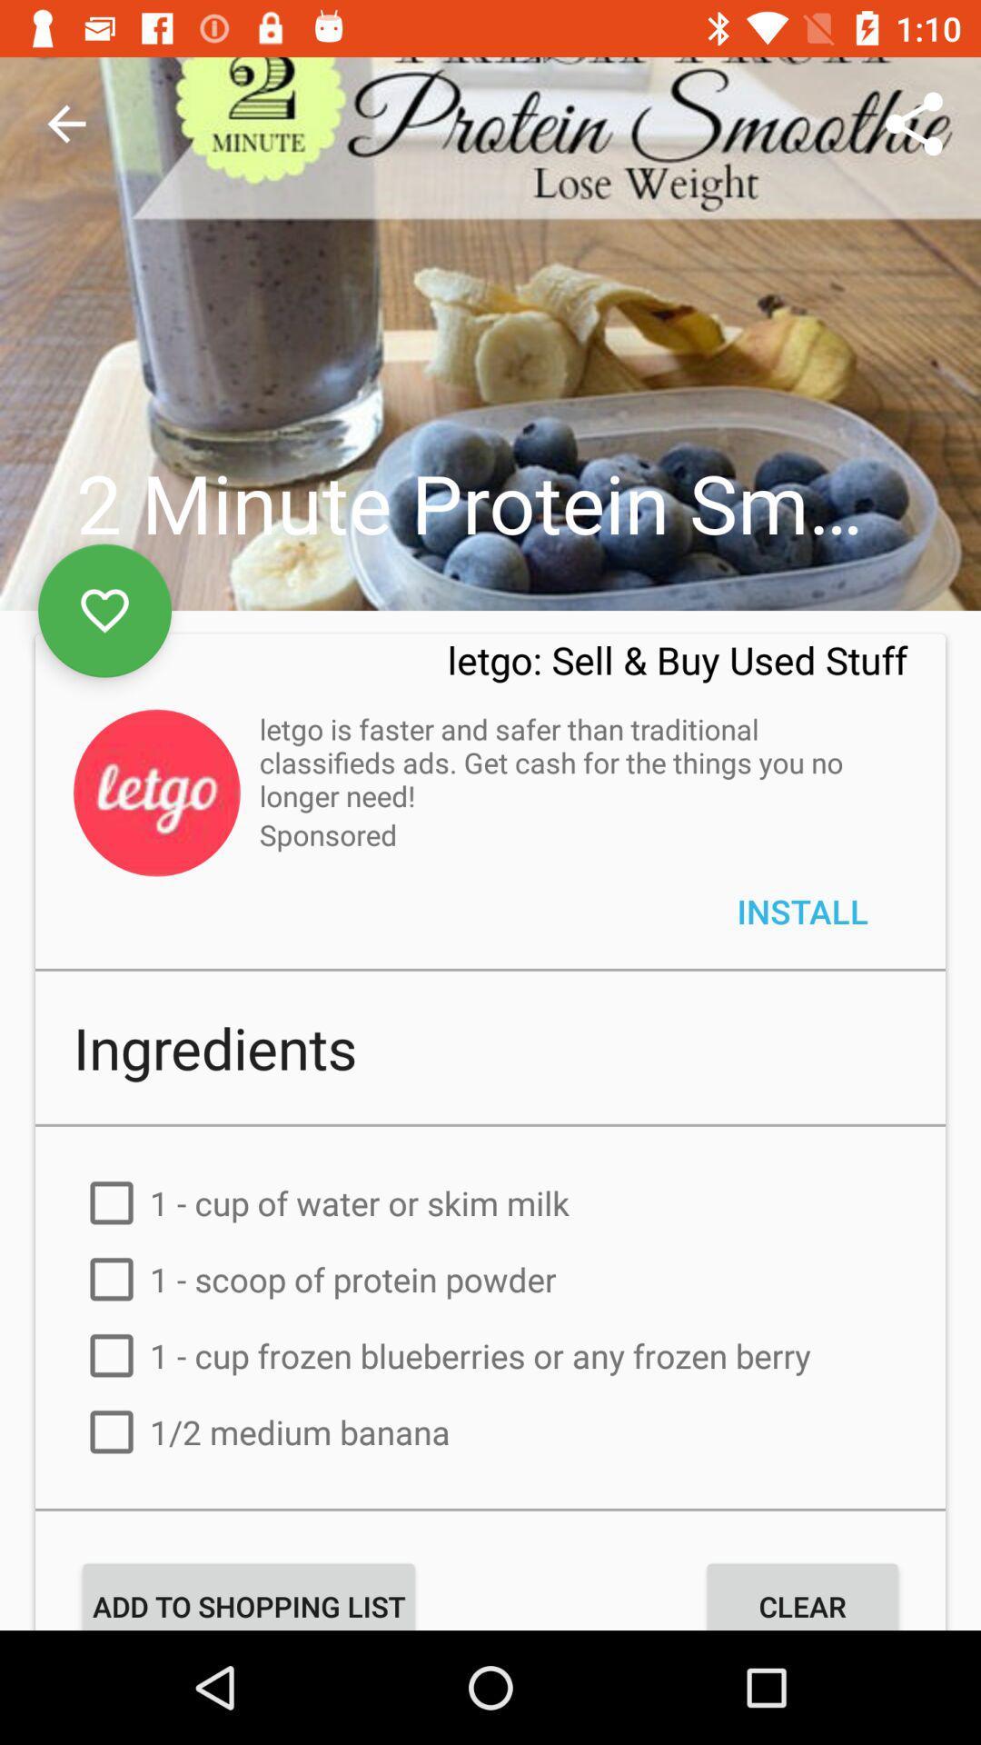 Image resolution: width=981 pixels, height=1745 pixels. What do you see at coordinates (490, 1546) in the screenshot?
I see `shopping click option` at bounding box center [490, 1546].